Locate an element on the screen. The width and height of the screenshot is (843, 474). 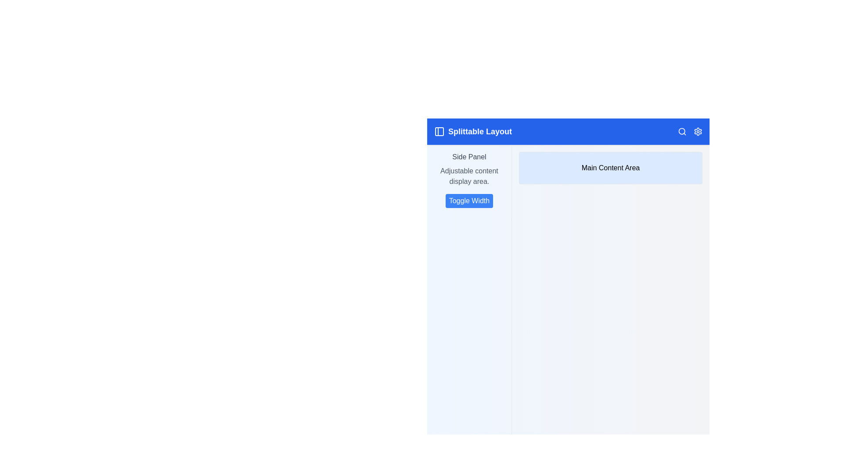
the 'panel left' icon located at the top-left of the blue navigation bar, next to the text 'Splittable Layout' is located at coordinates (440, 132).